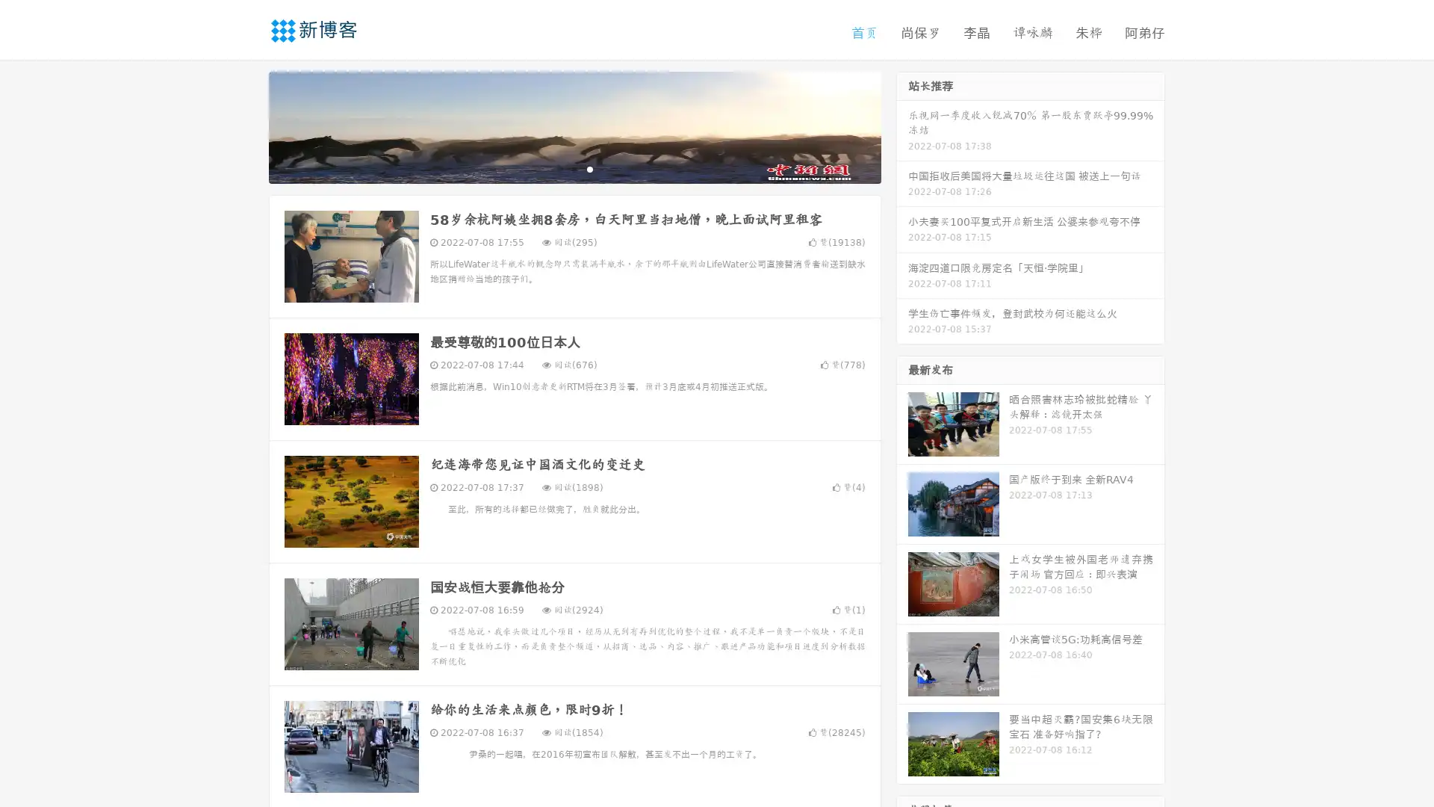  I want to click on Previous slide, so click(246, 126).